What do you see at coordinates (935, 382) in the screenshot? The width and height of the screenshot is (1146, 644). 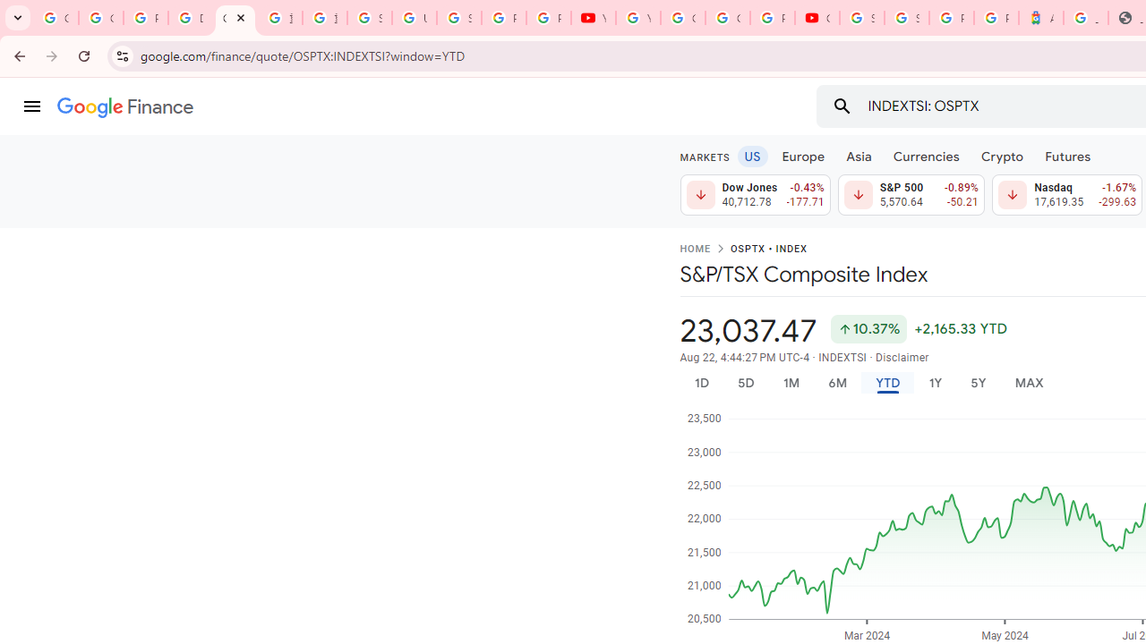 I see `'1Y'` at bounding box center [935, 382].